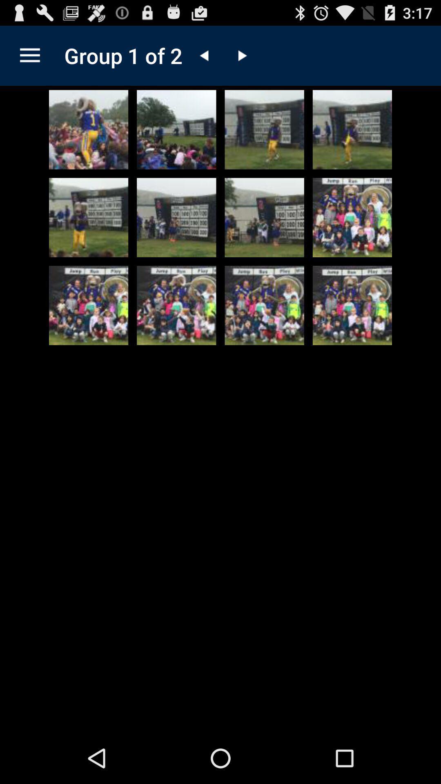  Describe the element at coordinates (176, 129) in the screenshot. I see `this photo` at that location.